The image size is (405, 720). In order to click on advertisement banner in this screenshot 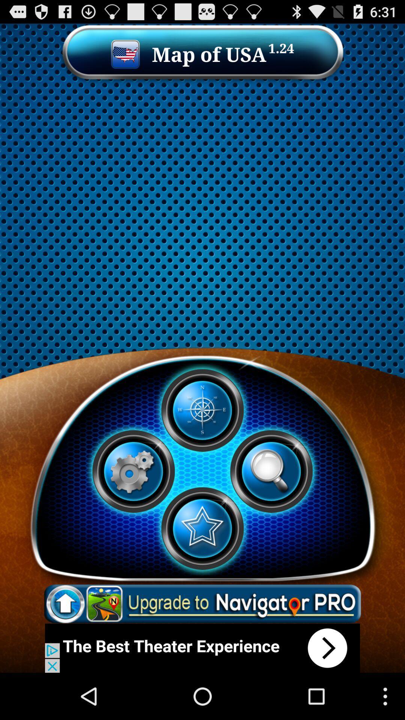, I will do `click(202, 648)`.